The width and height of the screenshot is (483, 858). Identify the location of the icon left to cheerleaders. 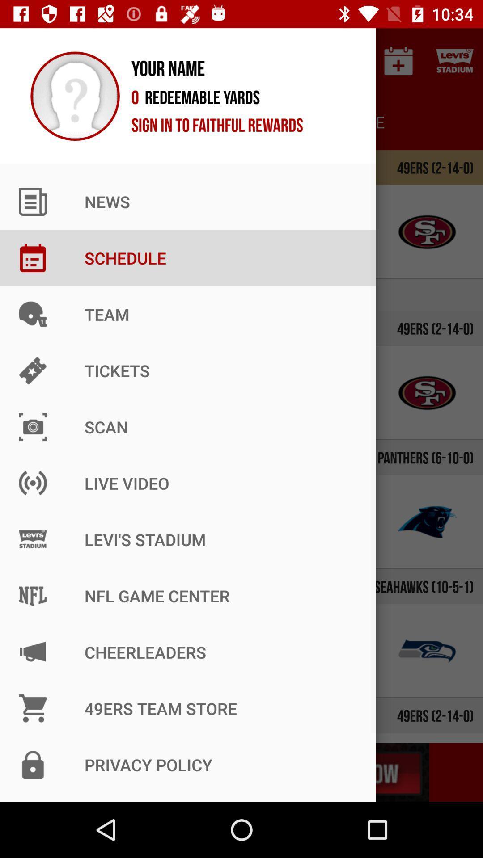
(55, 651).